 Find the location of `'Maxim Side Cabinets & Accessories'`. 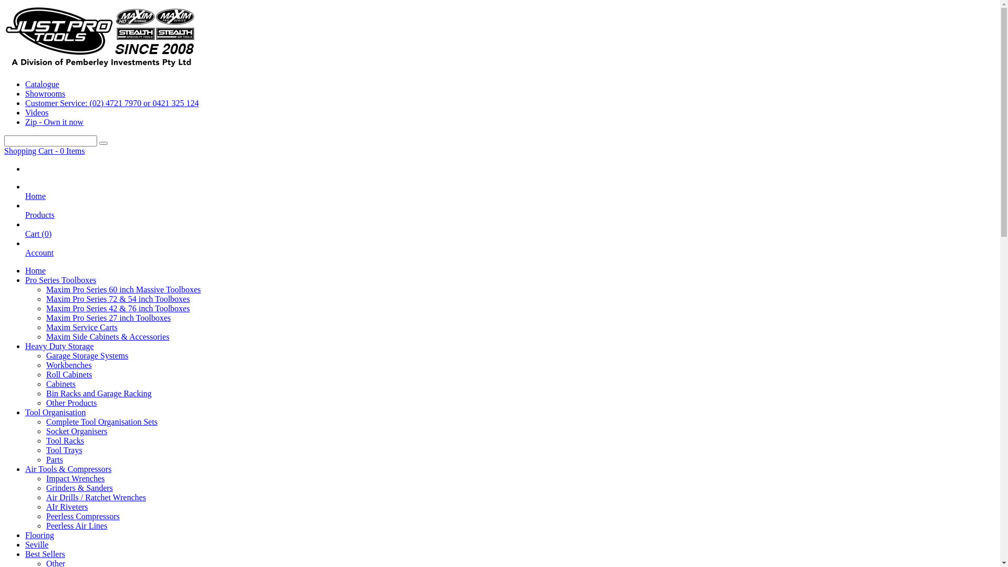

'Maxim Side Cabinets & Accessories' is located at coordinates (108, 337).